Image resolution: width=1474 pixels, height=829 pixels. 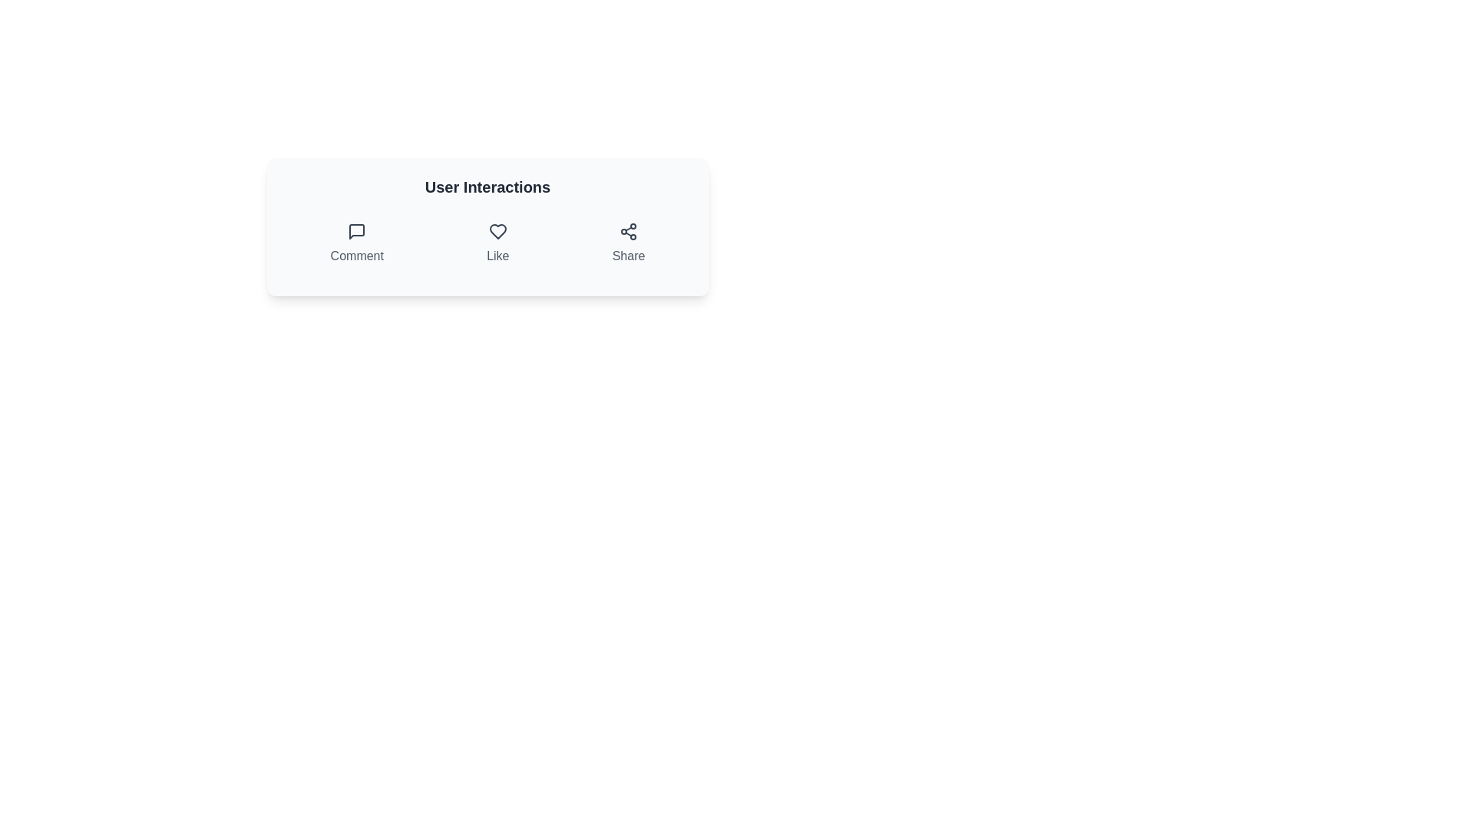 What do you see at coordinates (487, 186) in the screenshot?
I see `the 'User Interactions' title text` at bounding box center [487, 186].